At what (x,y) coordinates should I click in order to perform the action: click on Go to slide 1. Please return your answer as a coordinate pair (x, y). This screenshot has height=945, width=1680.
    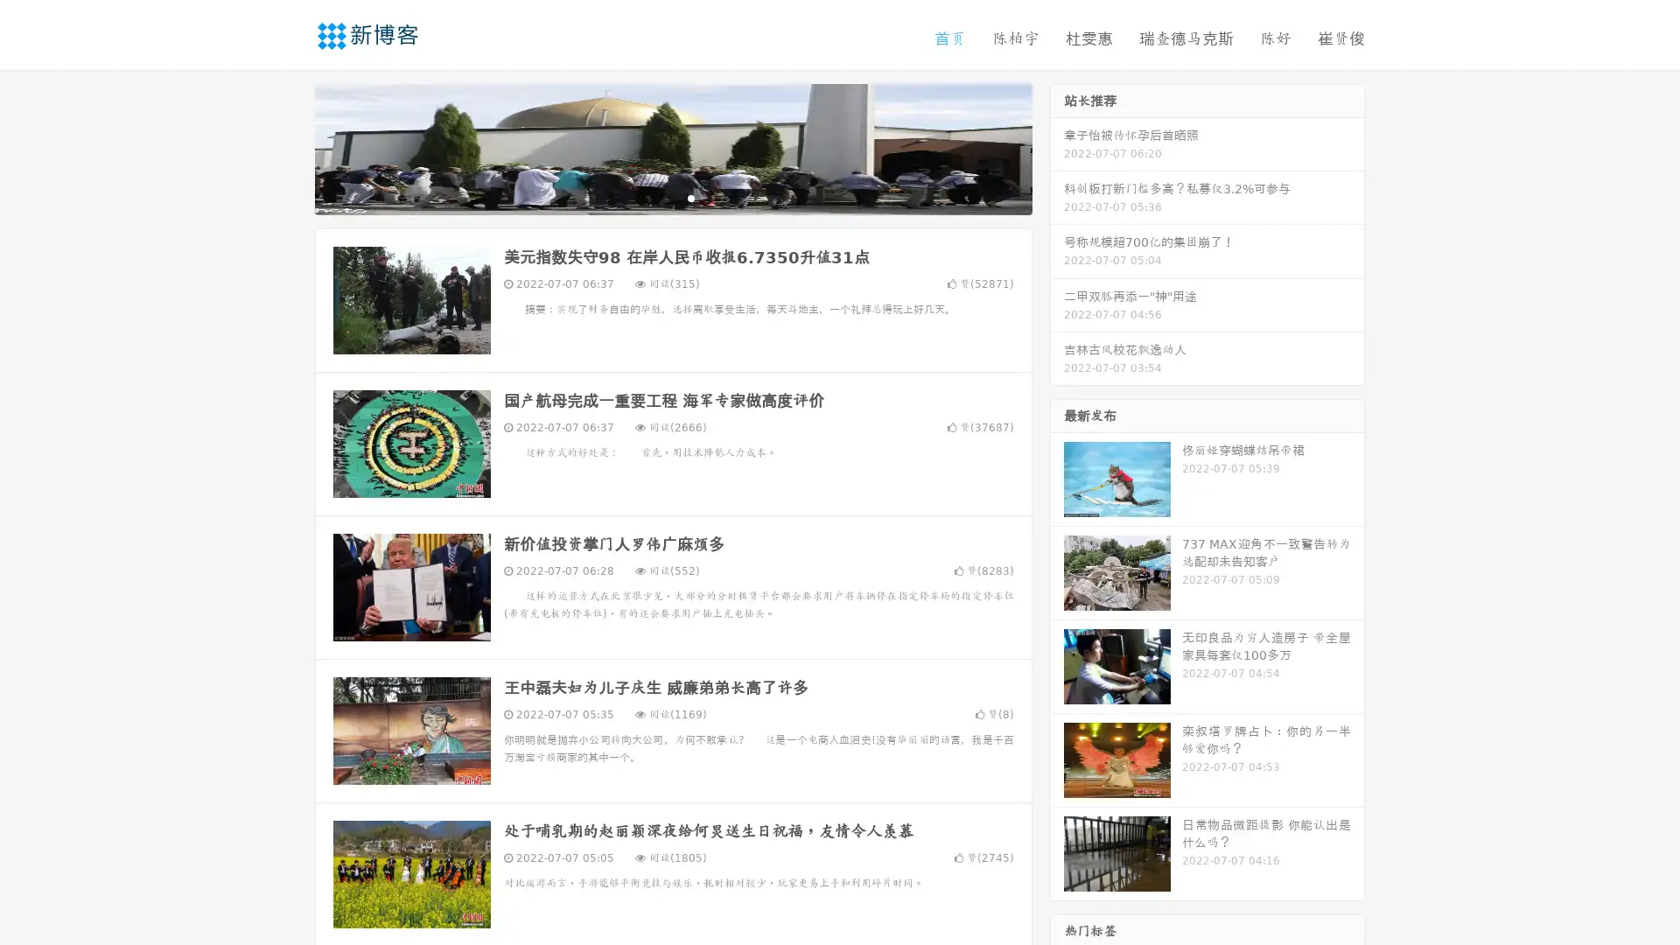
    Looking at the image, I should click on (654, 197).